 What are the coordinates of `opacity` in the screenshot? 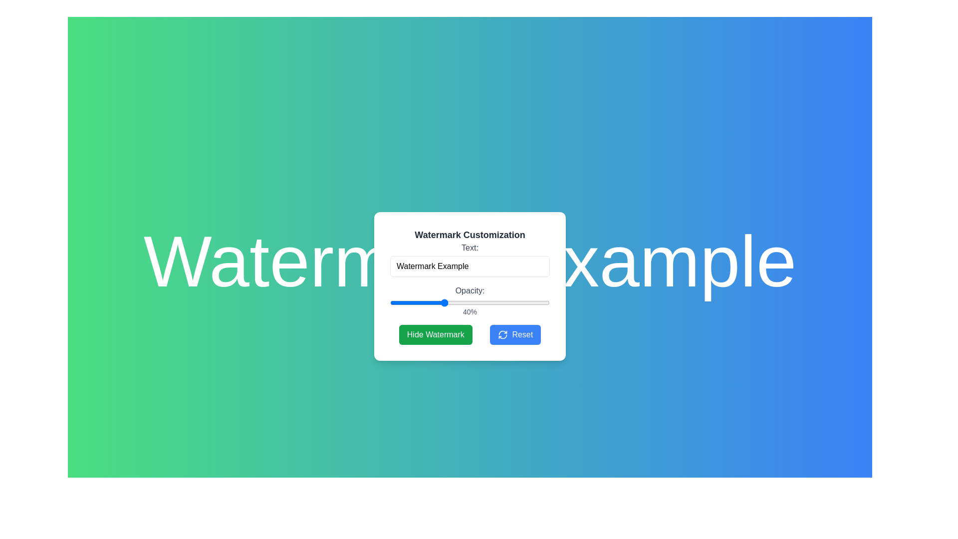 It's located at (545, 302).